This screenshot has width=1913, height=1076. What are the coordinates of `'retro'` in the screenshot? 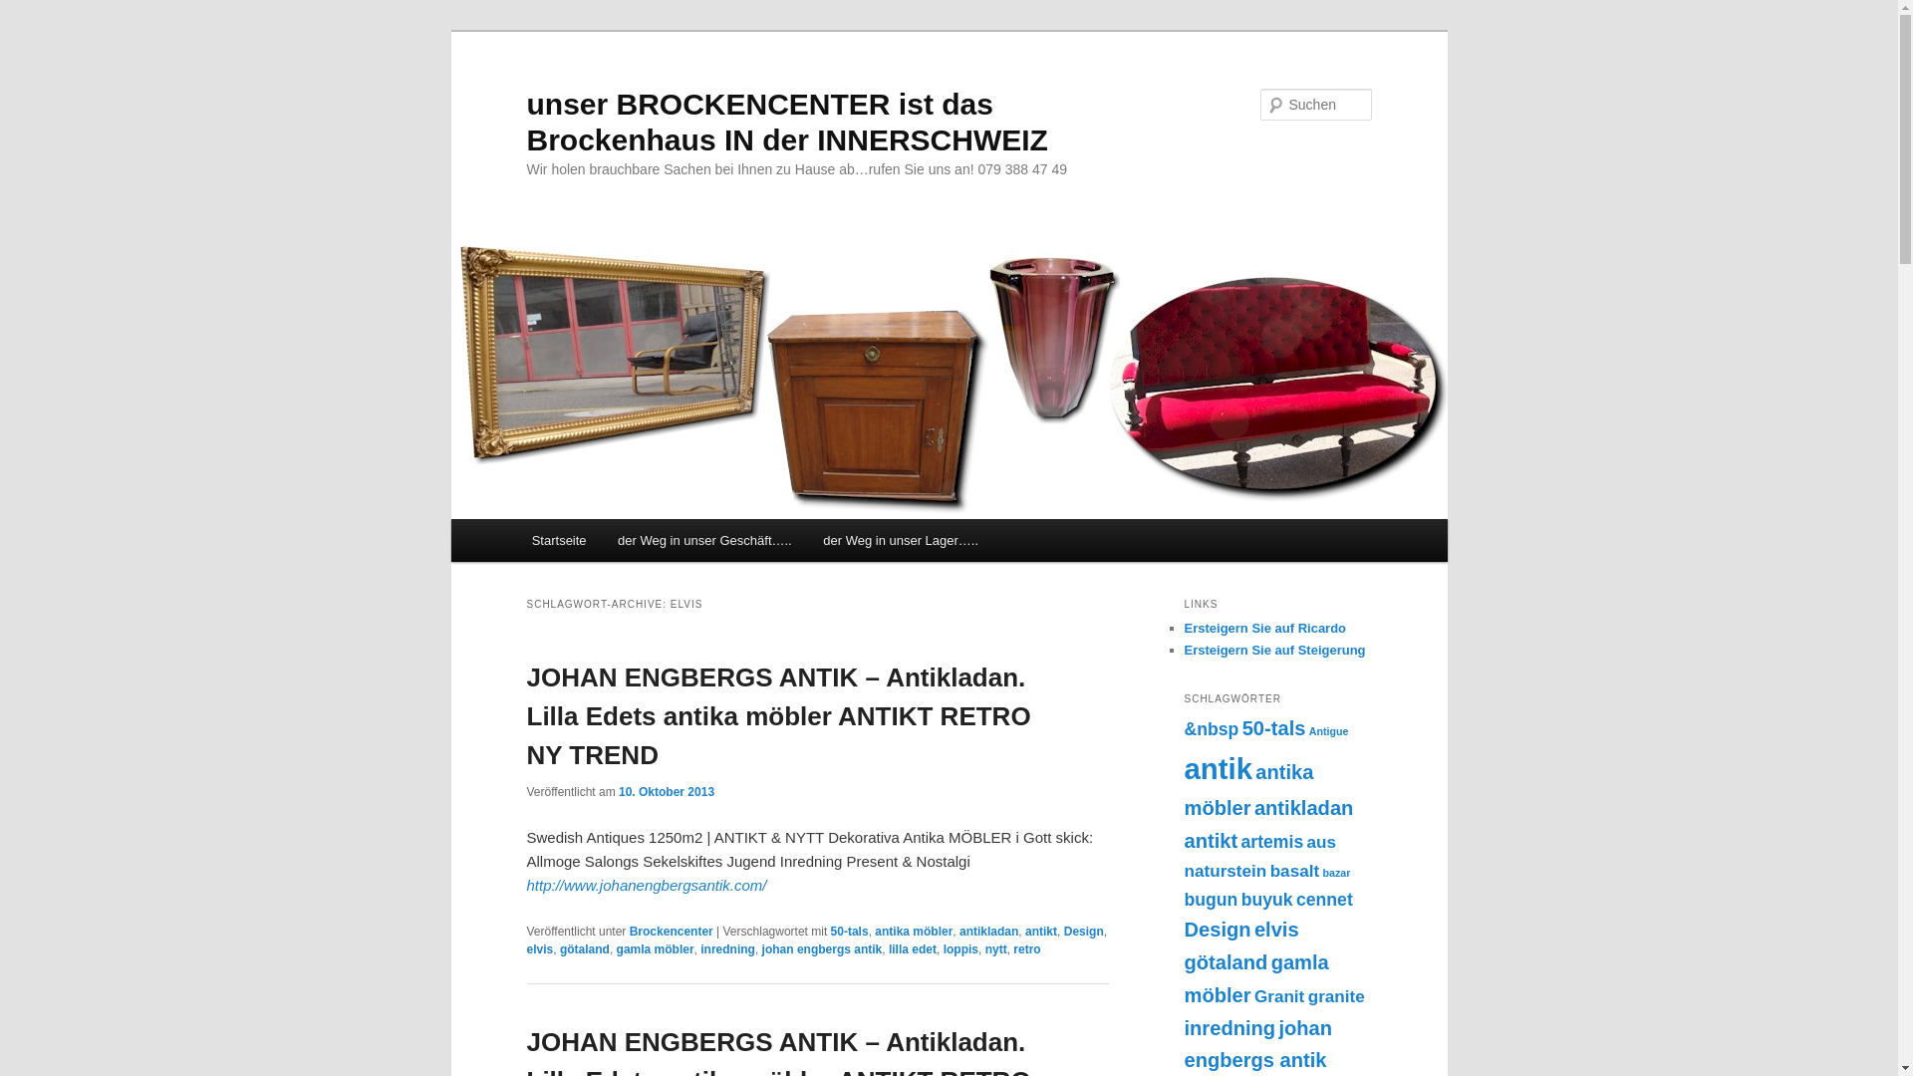 It's located at (1026, 947).